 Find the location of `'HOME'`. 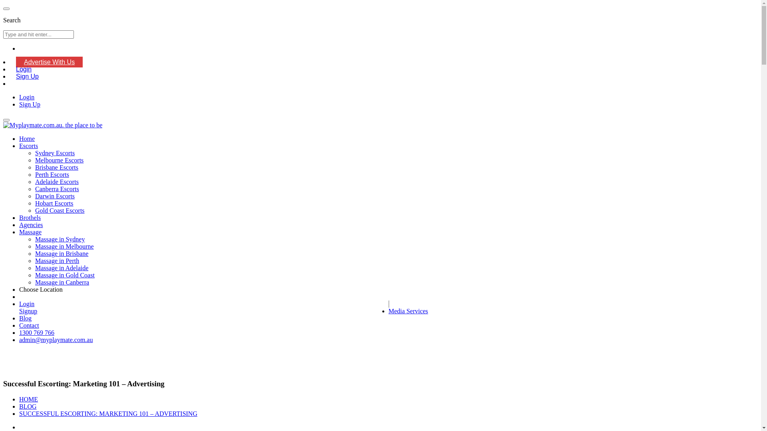

'HOME' is located at coordinates (28, 399).